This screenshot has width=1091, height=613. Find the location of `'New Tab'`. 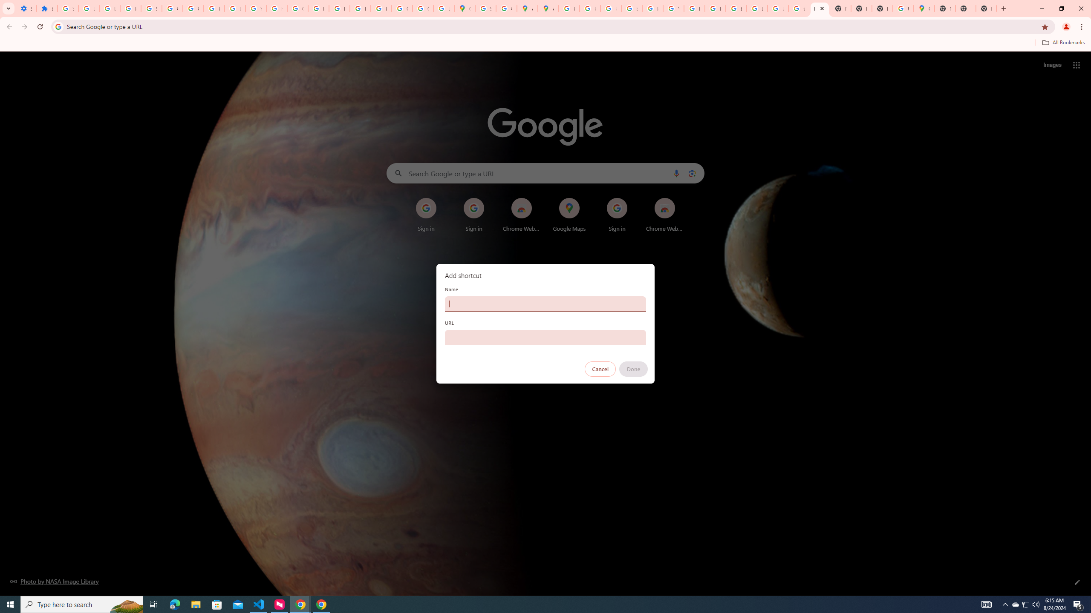

'New Tab' is located at coordinates (986, 8).